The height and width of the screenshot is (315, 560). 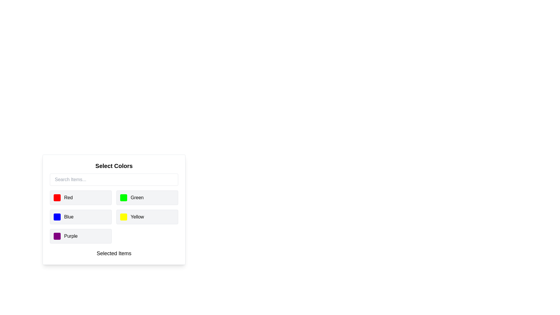 What do you see at coordinates (132, 197) in the screenshot?
I see `the second selectable list item labeled 'Green'` at bounding box center [132, 197].